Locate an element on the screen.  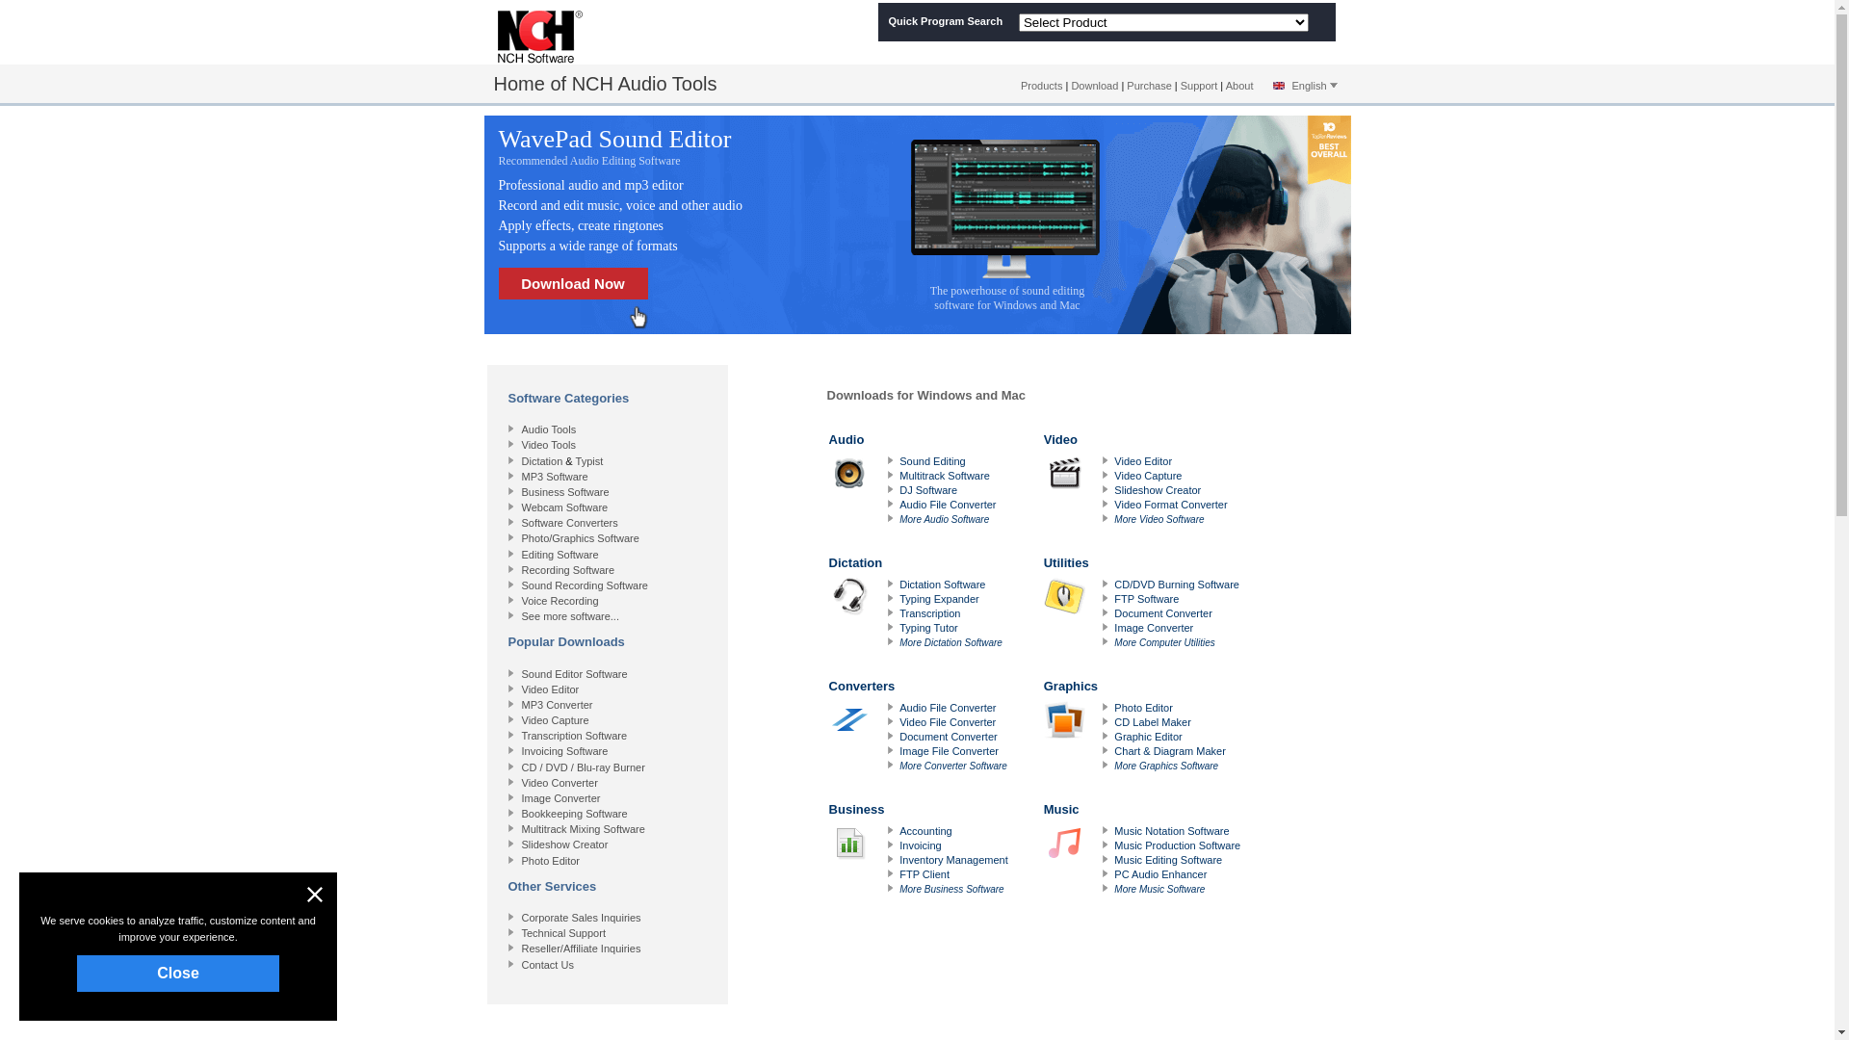
'Typing Expander' is located at coordinates (939, 597).